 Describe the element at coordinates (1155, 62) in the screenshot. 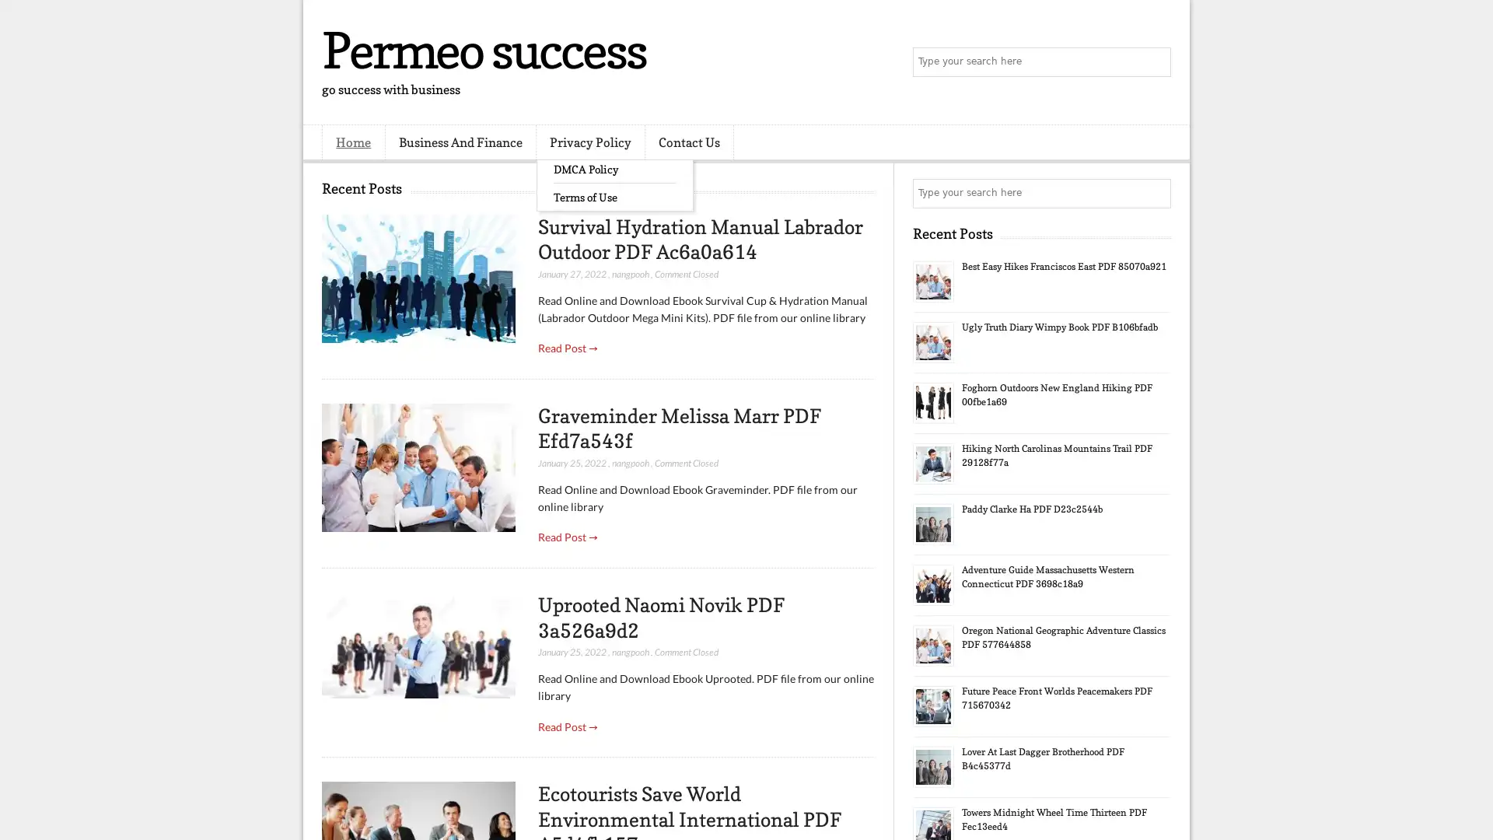

I see `Search` at that location.